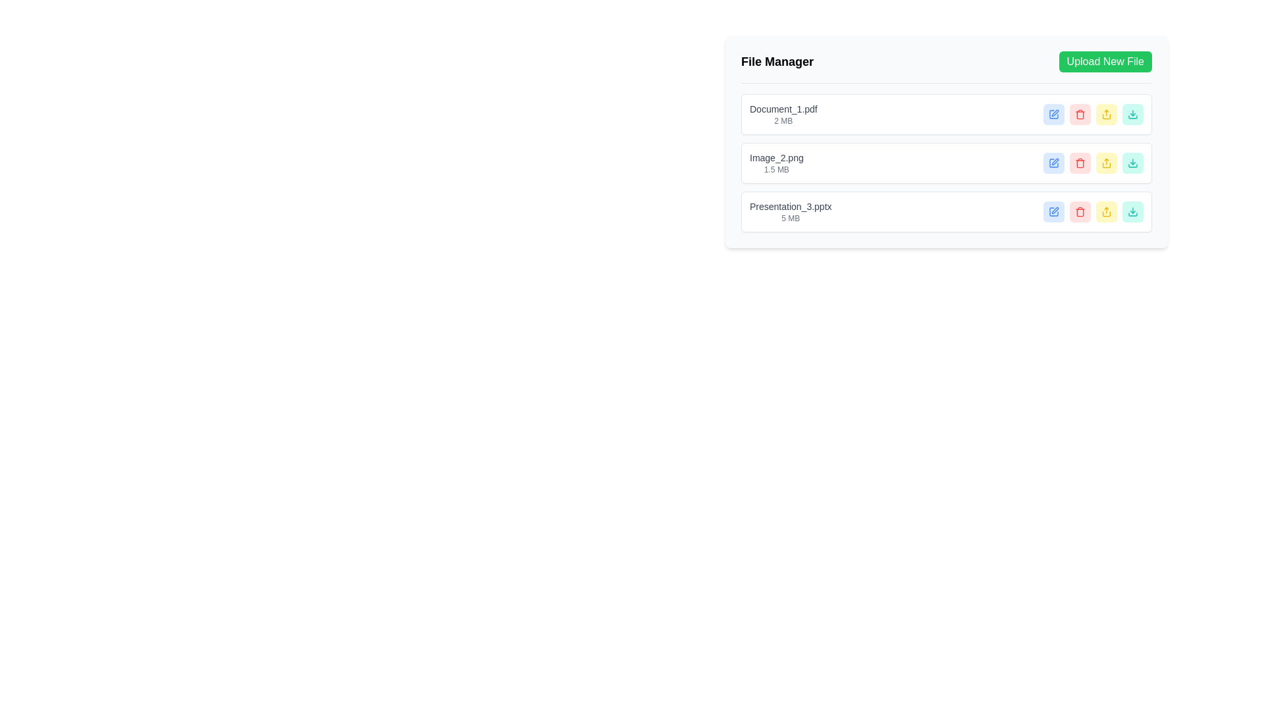  What do you see at coordinates (790, 211) in the screenshot?
I see `the text label that provides metadata for the file located in the third entry of the file list within the 'File Manager' interface, which appears below 'Image_2.png (1.5 MB)'` at bounding box center [790, 211].